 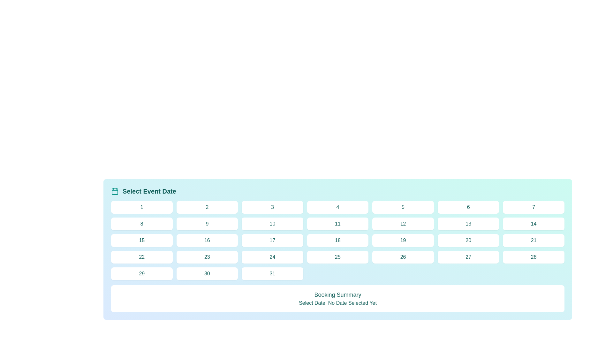 I want to click on the interactive button for selecting the date '29' in the calendar grid, so click(x=141, y=273).